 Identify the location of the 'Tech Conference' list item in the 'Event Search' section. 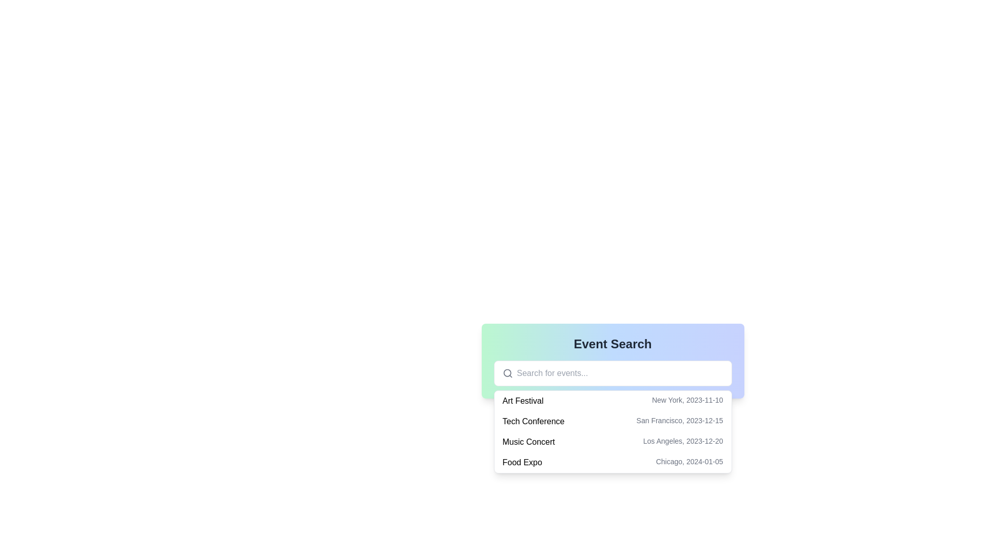
(613, 421).